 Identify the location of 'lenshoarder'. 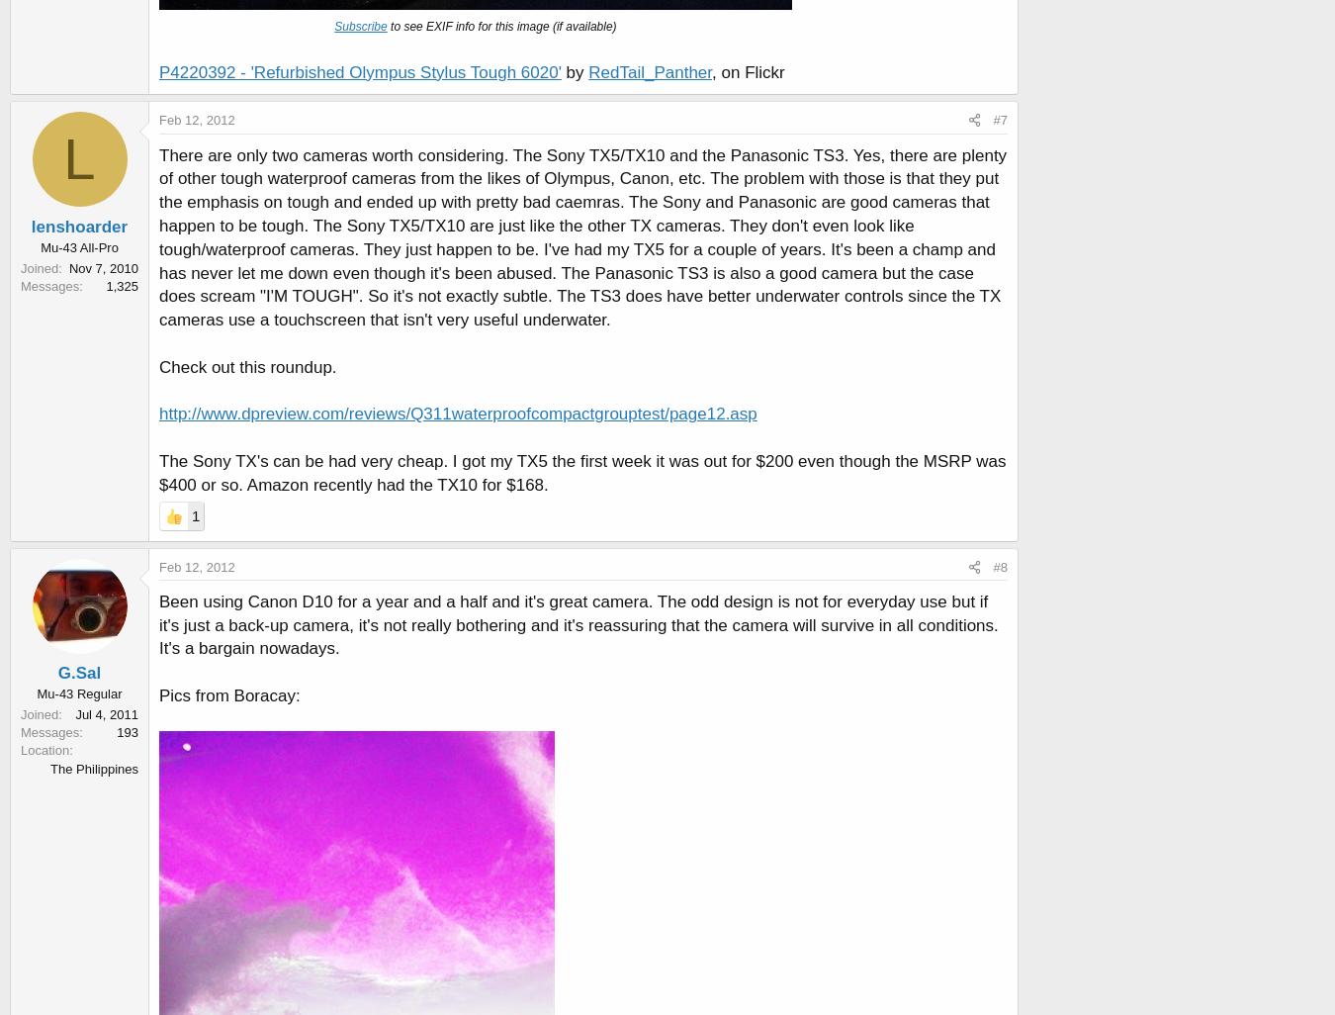
(78, 226).